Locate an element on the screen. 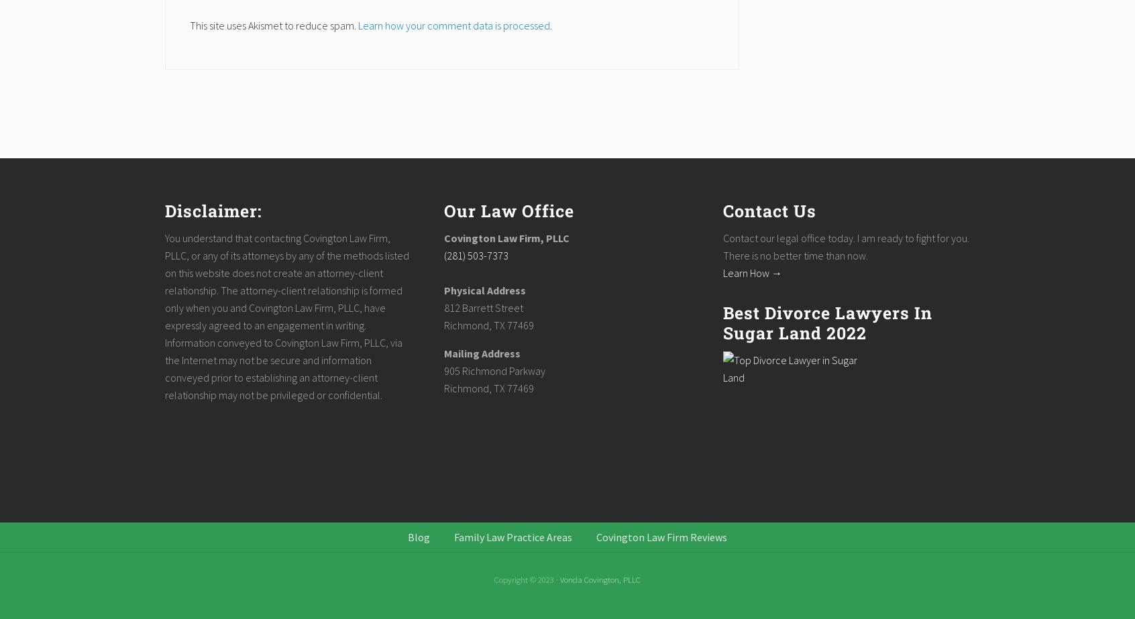  'Blog' is located at coordinates (418, 536).